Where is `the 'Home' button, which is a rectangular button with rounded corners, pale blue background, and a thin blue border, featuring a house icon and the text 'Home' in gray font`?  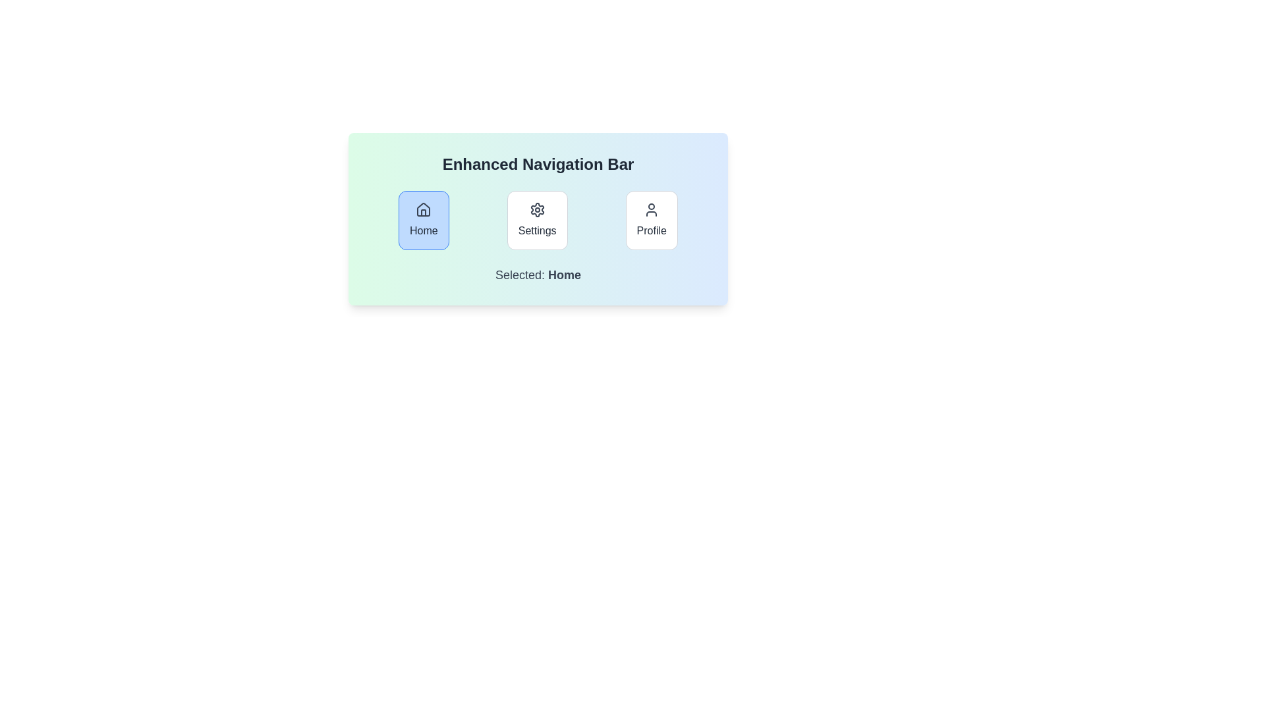
the 'Home' button, which is a rectangular button with rounded corners, pale blue background, and a thin blue border, featuring a house icon and the text 'Home' in gray font is located at coordinates (424, 220).